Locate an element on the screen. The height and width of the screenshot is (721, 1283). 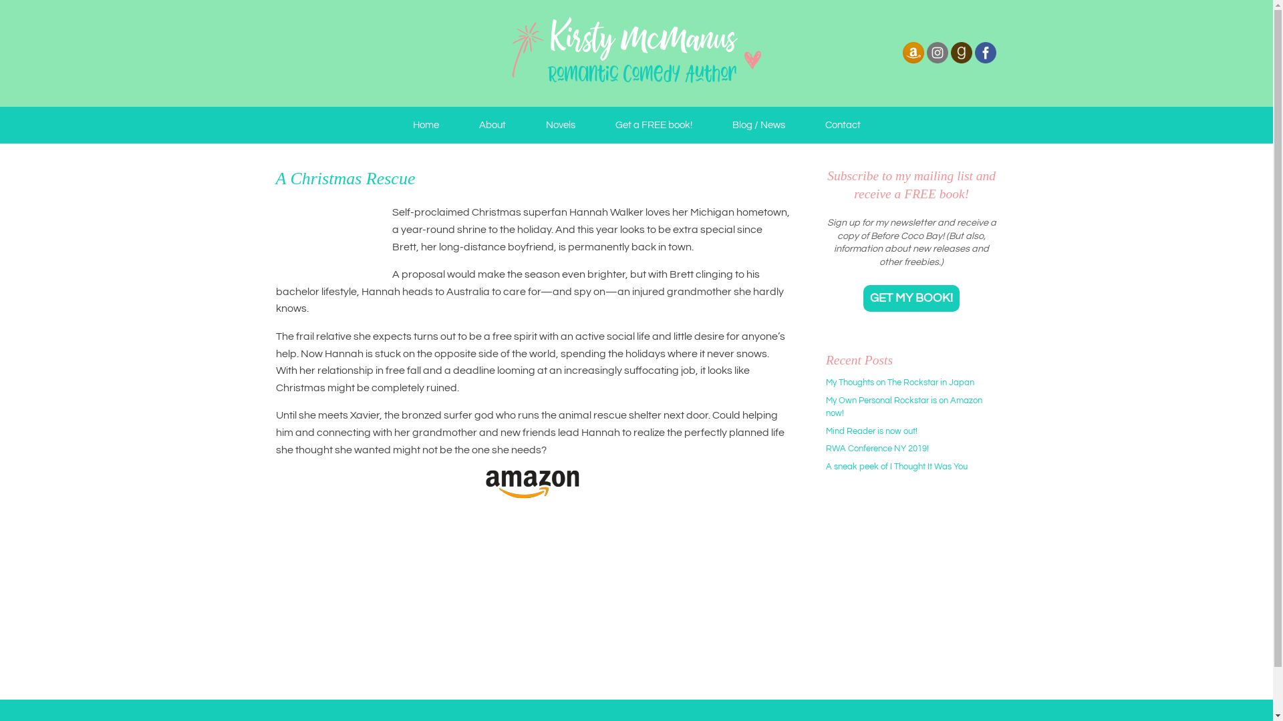
'Novels' is located at coordinates (525, 125).